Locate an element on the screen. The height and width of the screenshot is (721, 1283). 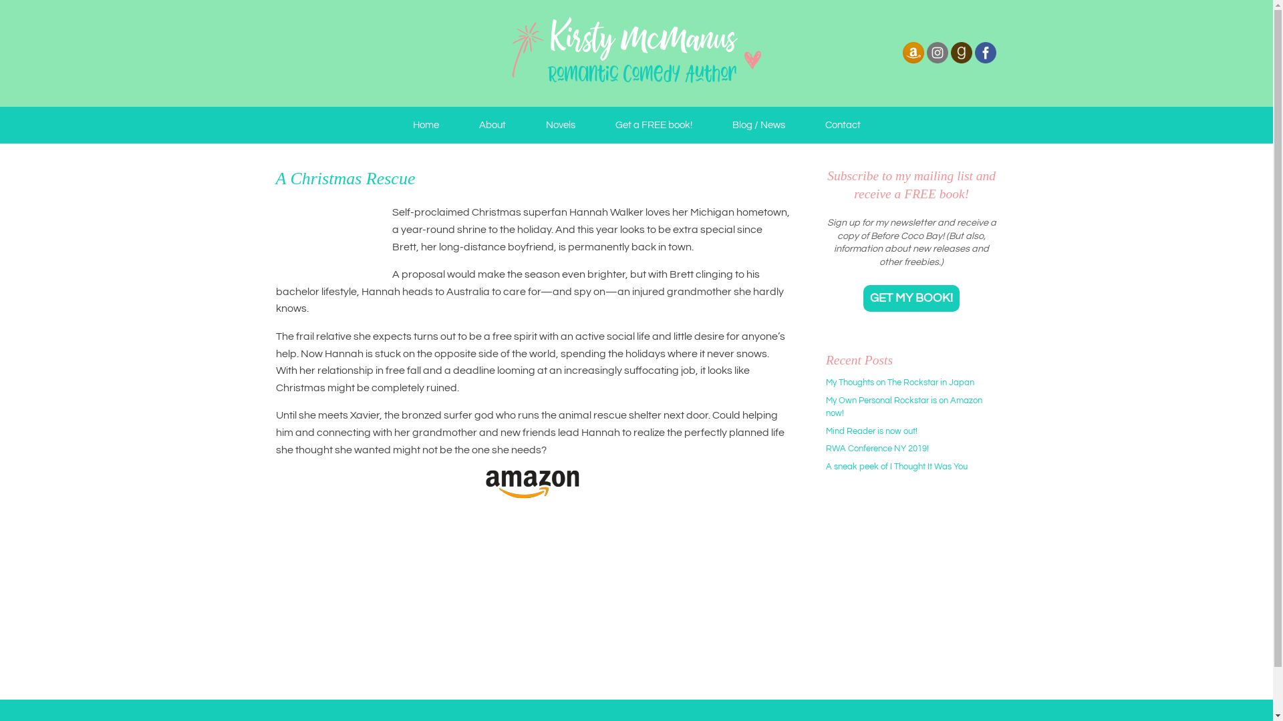
'Novels' is located at coordinates (525, 125).